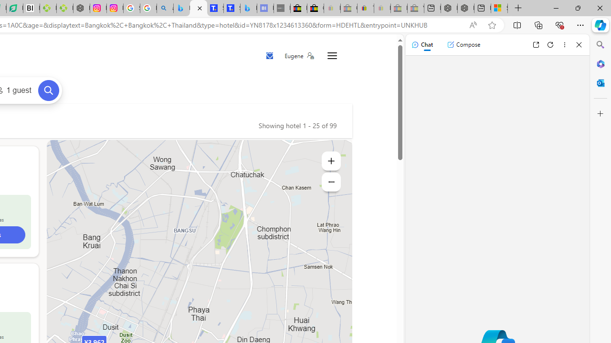 Image resolution: width=611 pixels, height=343 pixels. I want to click on 'alabama high school quarterback dies - Search', so click(165, 8).